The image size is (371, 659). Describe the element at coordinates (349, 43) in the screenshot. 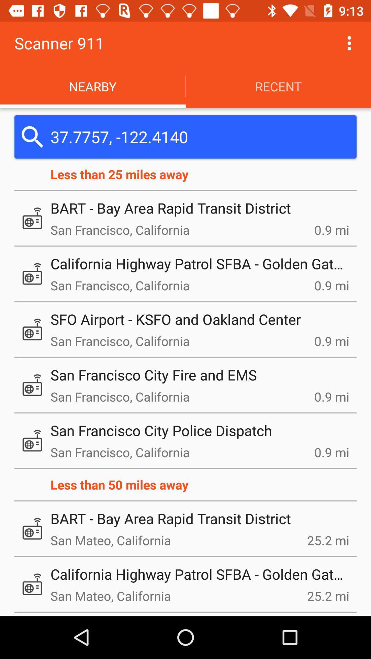

I see `the more icon` at that location.